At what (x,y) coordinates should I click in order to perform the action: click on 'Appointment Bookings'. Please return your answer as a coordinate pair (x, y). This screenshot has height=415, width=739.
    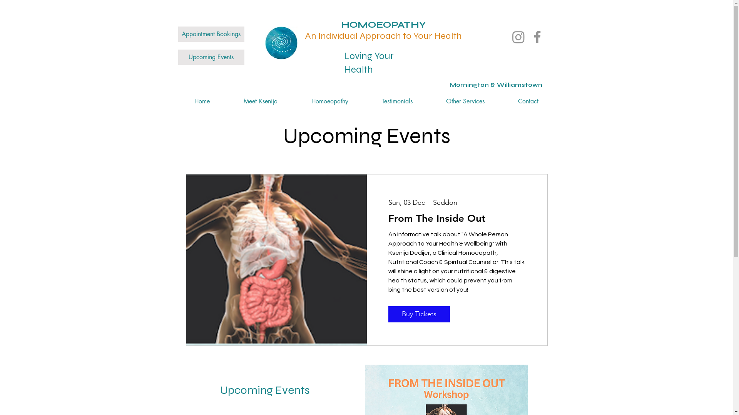
    Looking at the image, I should click on (177, 33).